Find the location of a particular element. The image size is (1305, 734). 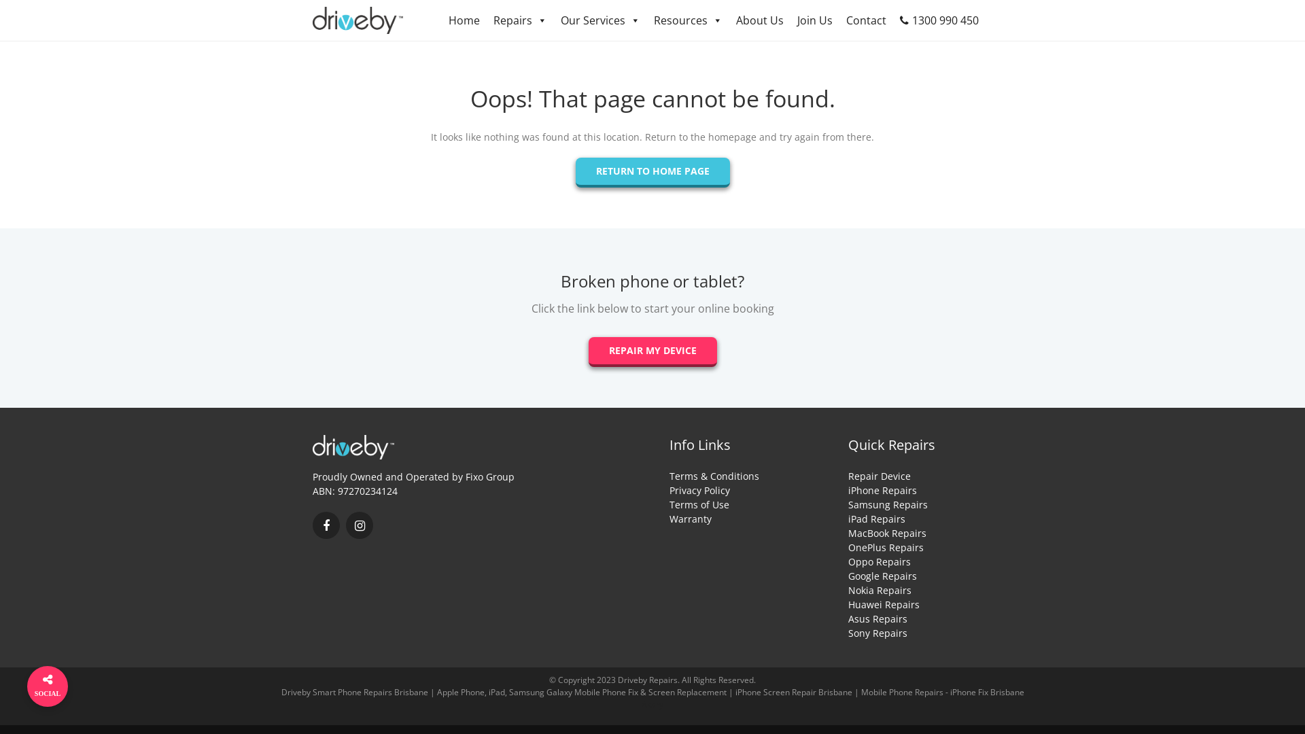

'Contact' is located at coordinates (865, 20).